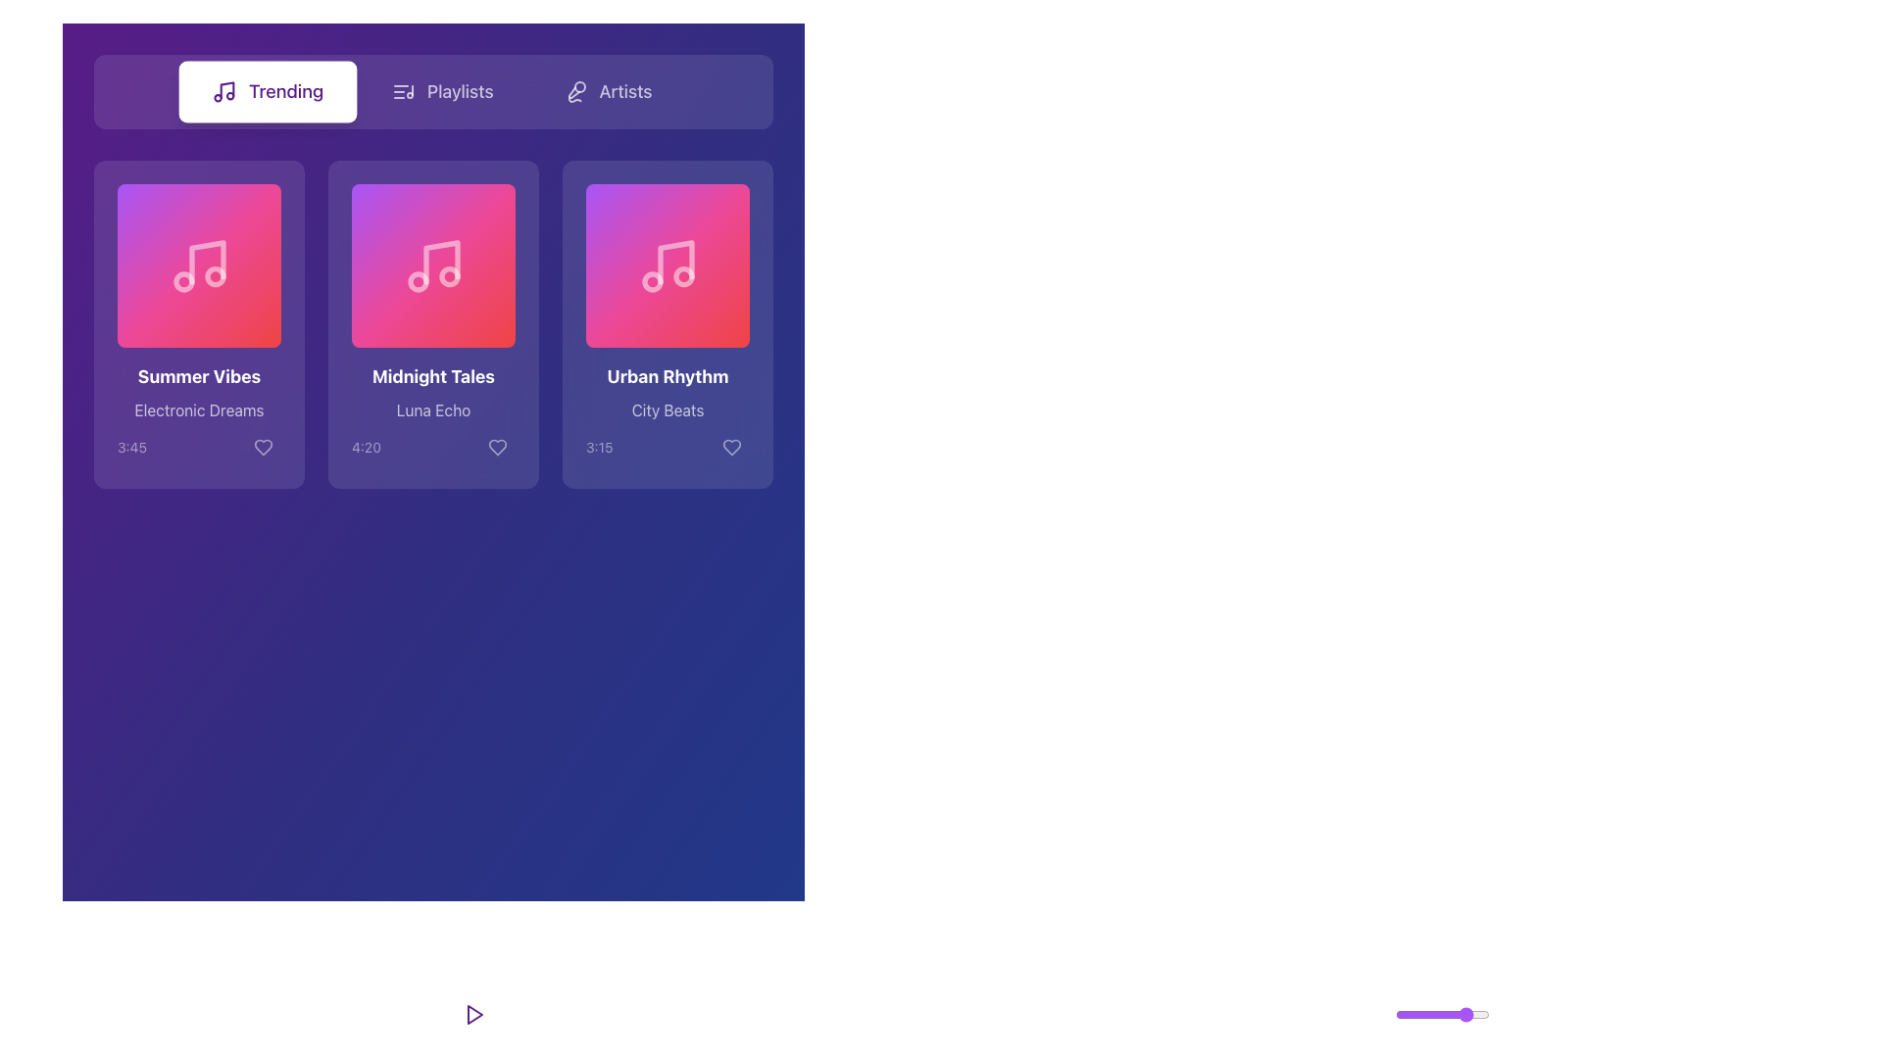  I want to click on the value of the slider, so click(1473, 1014).